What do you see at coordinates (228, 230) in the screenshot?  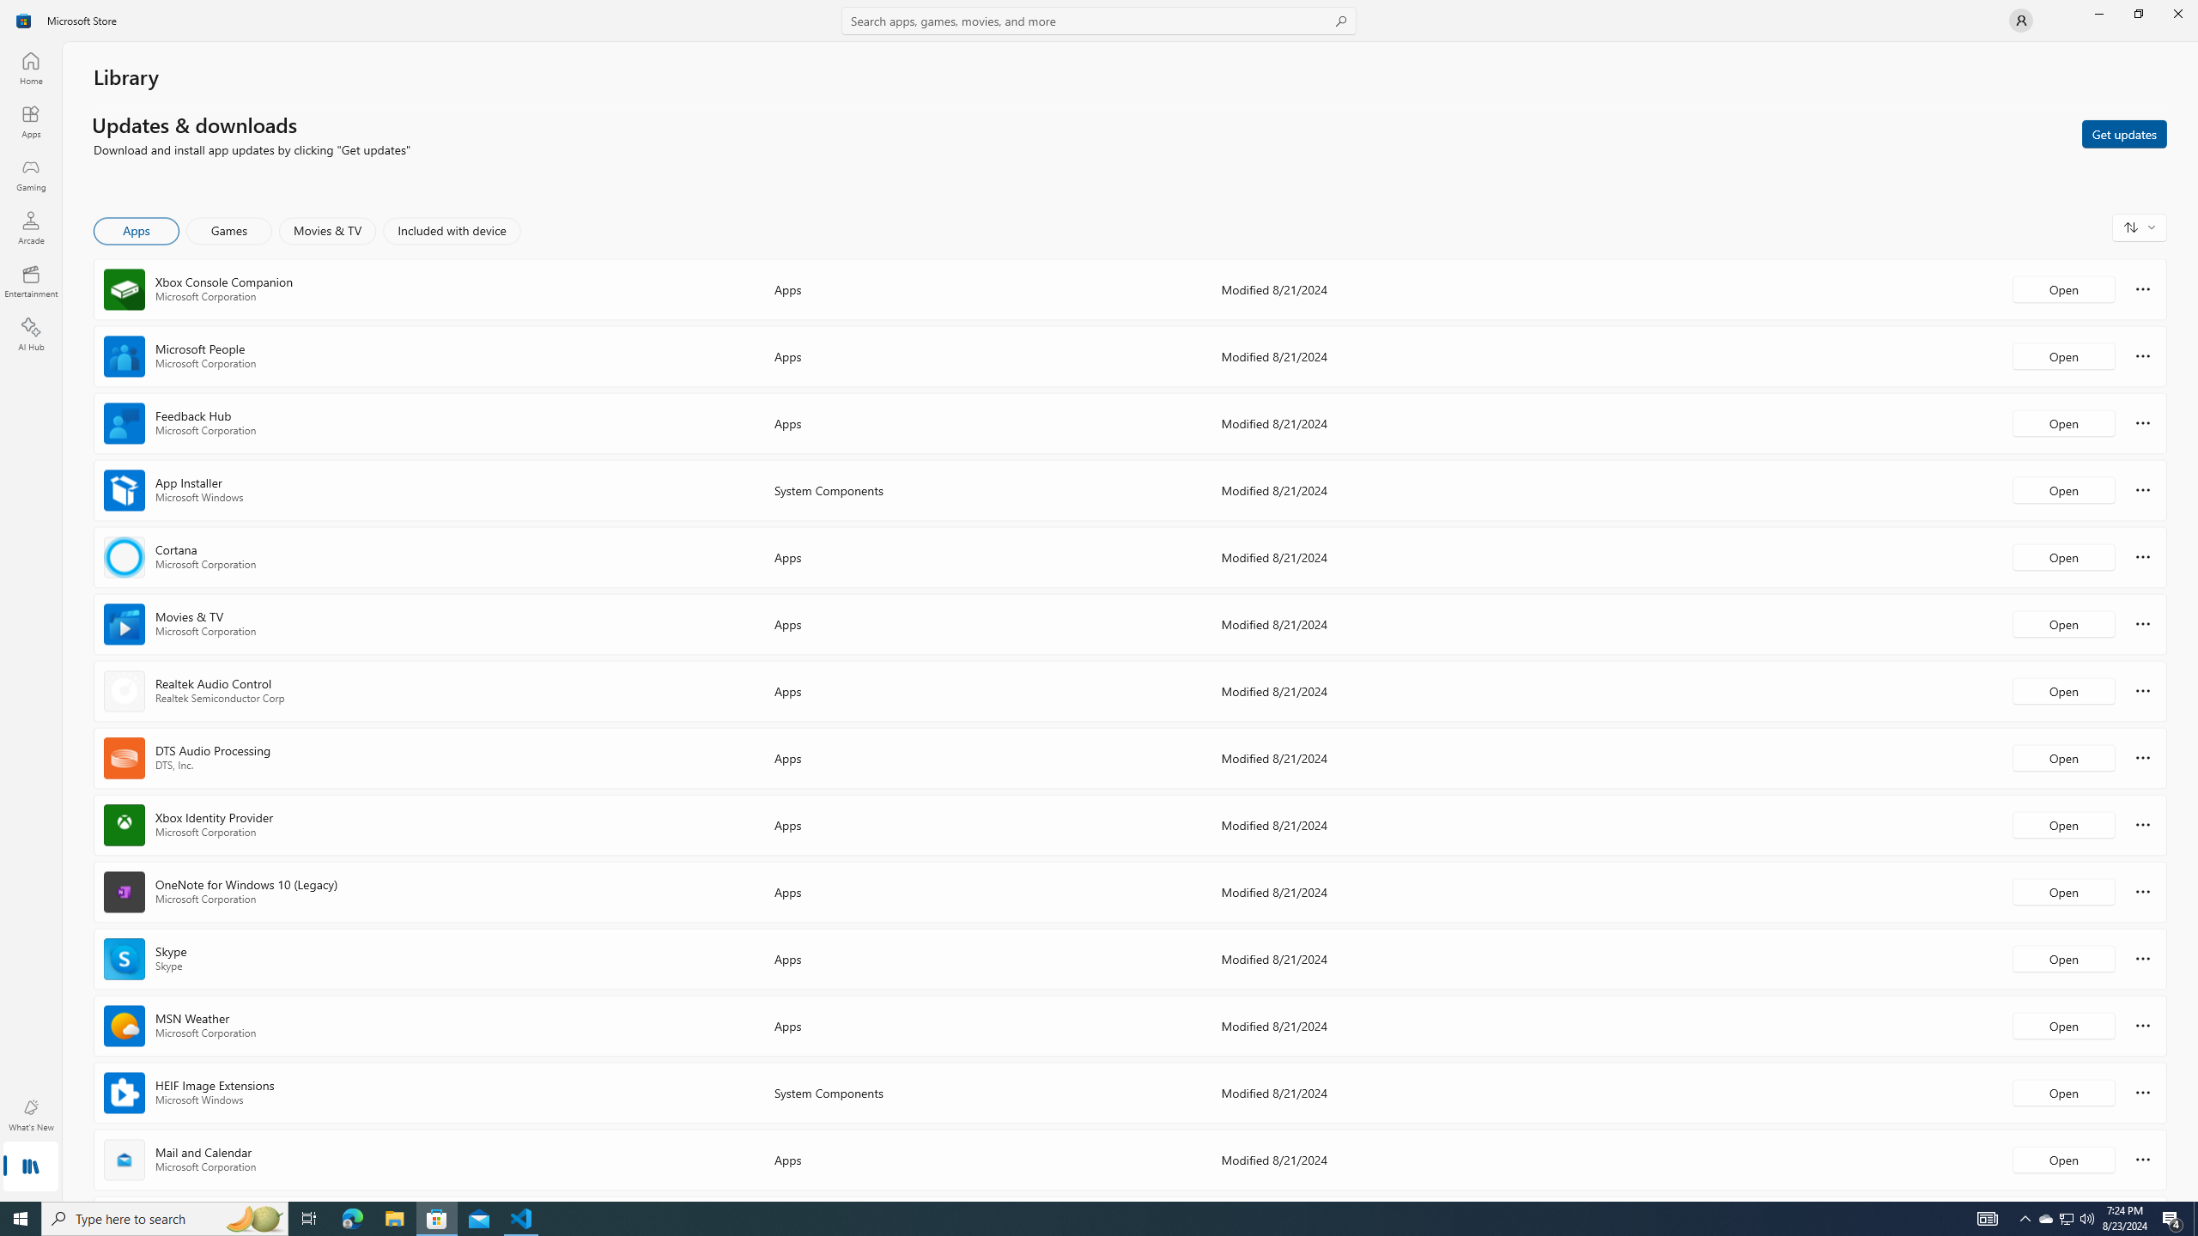 I see `'Games'` at bounding box center [228, 230].